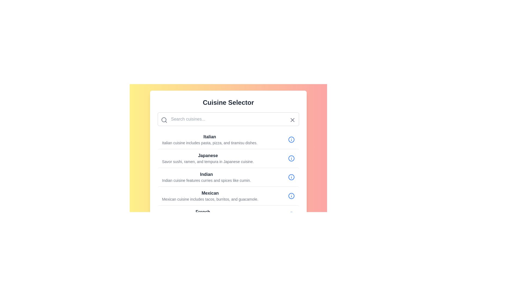 This screenshot has width=522, height=294. What do you see at coordinates (207, 155) in the screenshot?
I see `the static text element representing the 'Japanese' cuisine category, which is positioned at the top of a list of cuisine options` at bounding box center [207, 155].